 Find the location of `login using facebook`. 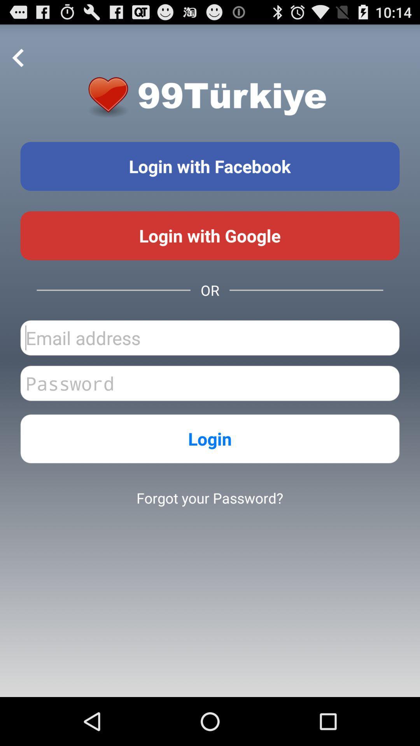

login using facebook is located at coordinates (210, 166).